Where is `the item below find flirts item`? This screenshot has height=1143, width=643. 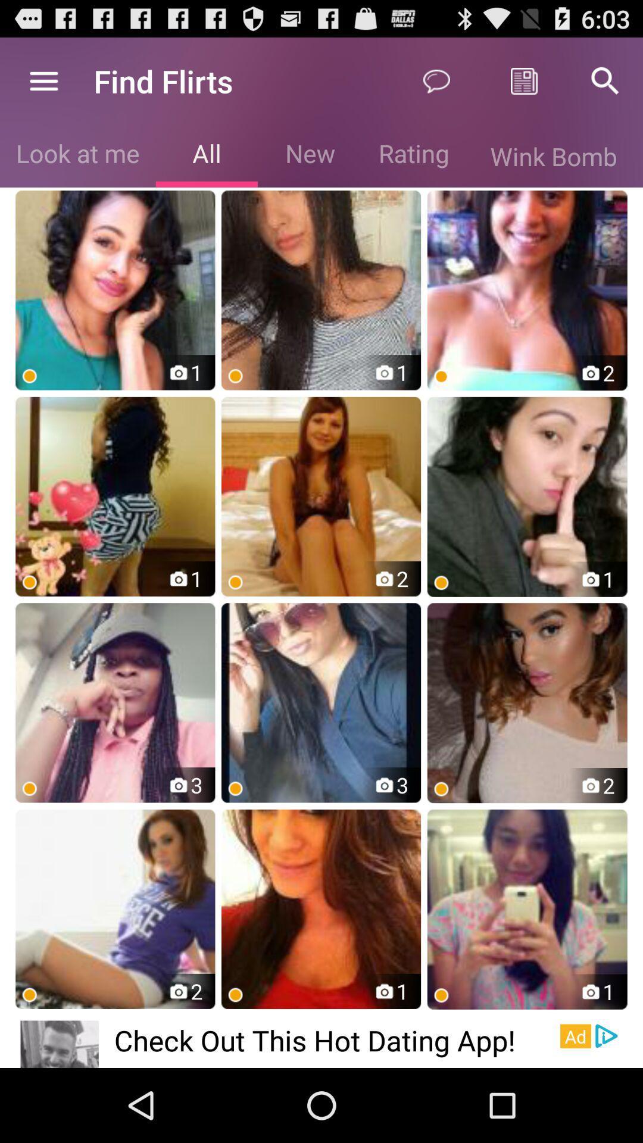 the item below find flirts item is located at coordinates (206, 155).